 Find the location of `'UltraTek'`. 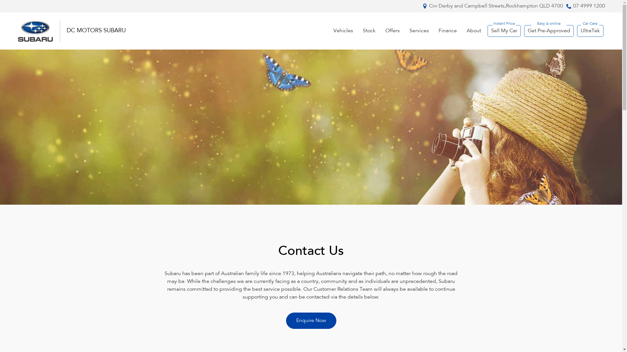

'UltraTek' is located at coordinates (590, 31).